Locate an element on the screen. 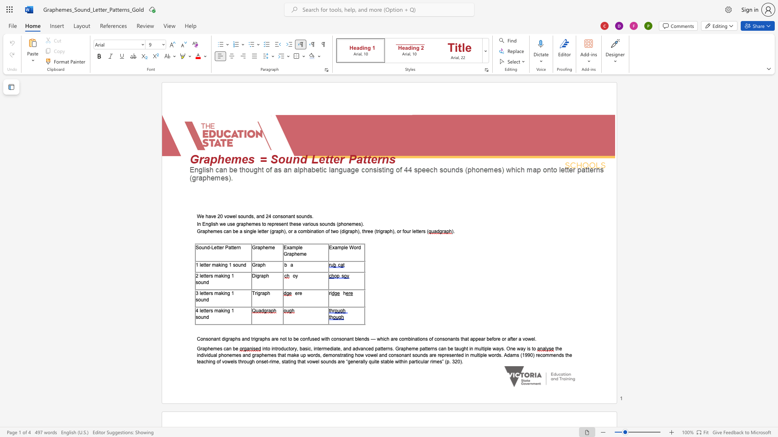  the 1th character "e" in the text is located at coordinates (215, 247).